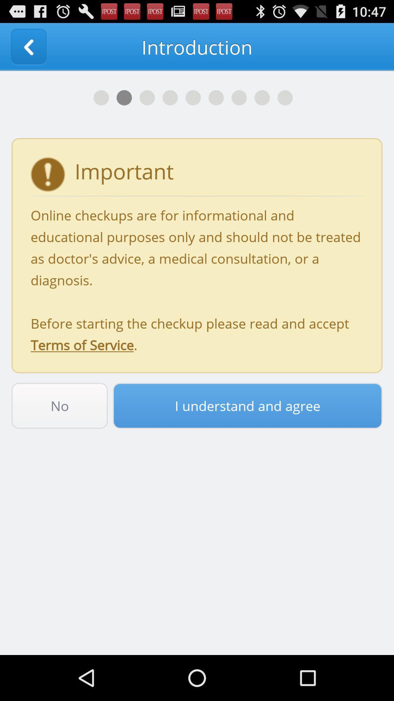 The image size is (394, 701). What do you see at coordinates (59, 405) in the screenshot?
I see `icon below online checkups are item` at bounding box center [59, 405].